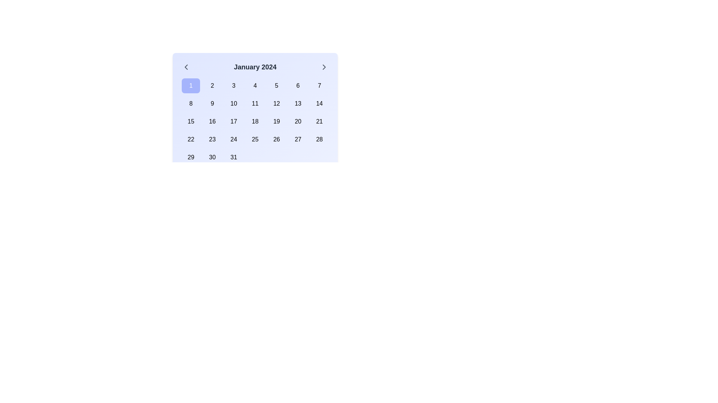 Image resolution: width=718 pixels, height=403 pixels. I want to click on the button representing the date '12' in the January 2024 calendar view, so click(276, 103).